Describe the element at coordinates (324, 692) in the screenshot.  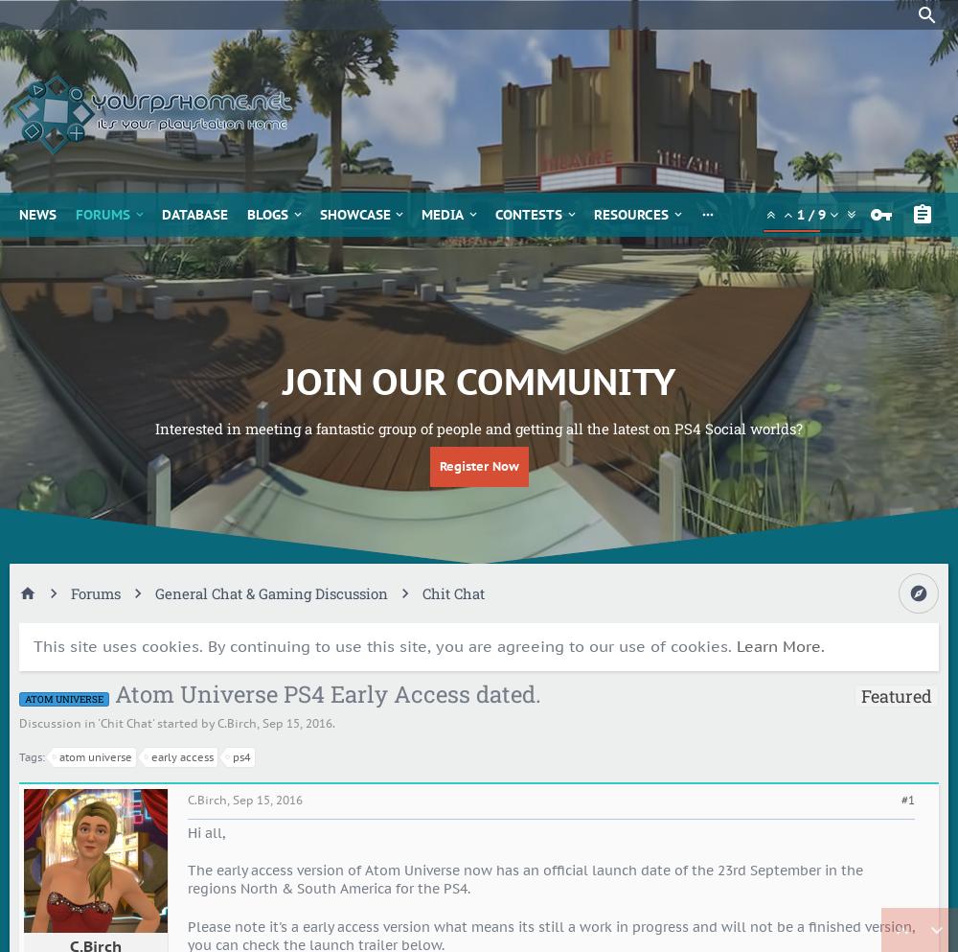
I see `'Atom Universe PS4 Early Access dated.'` at that location.